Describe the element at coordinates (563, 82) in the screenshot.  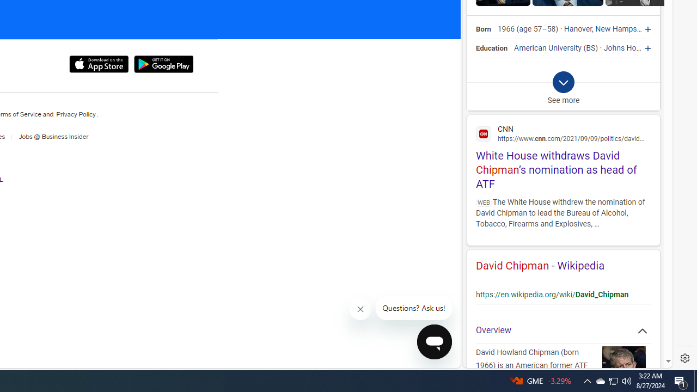
I see `'Class: b_exp_chevron_svg b_expmob_chev'` at that location.